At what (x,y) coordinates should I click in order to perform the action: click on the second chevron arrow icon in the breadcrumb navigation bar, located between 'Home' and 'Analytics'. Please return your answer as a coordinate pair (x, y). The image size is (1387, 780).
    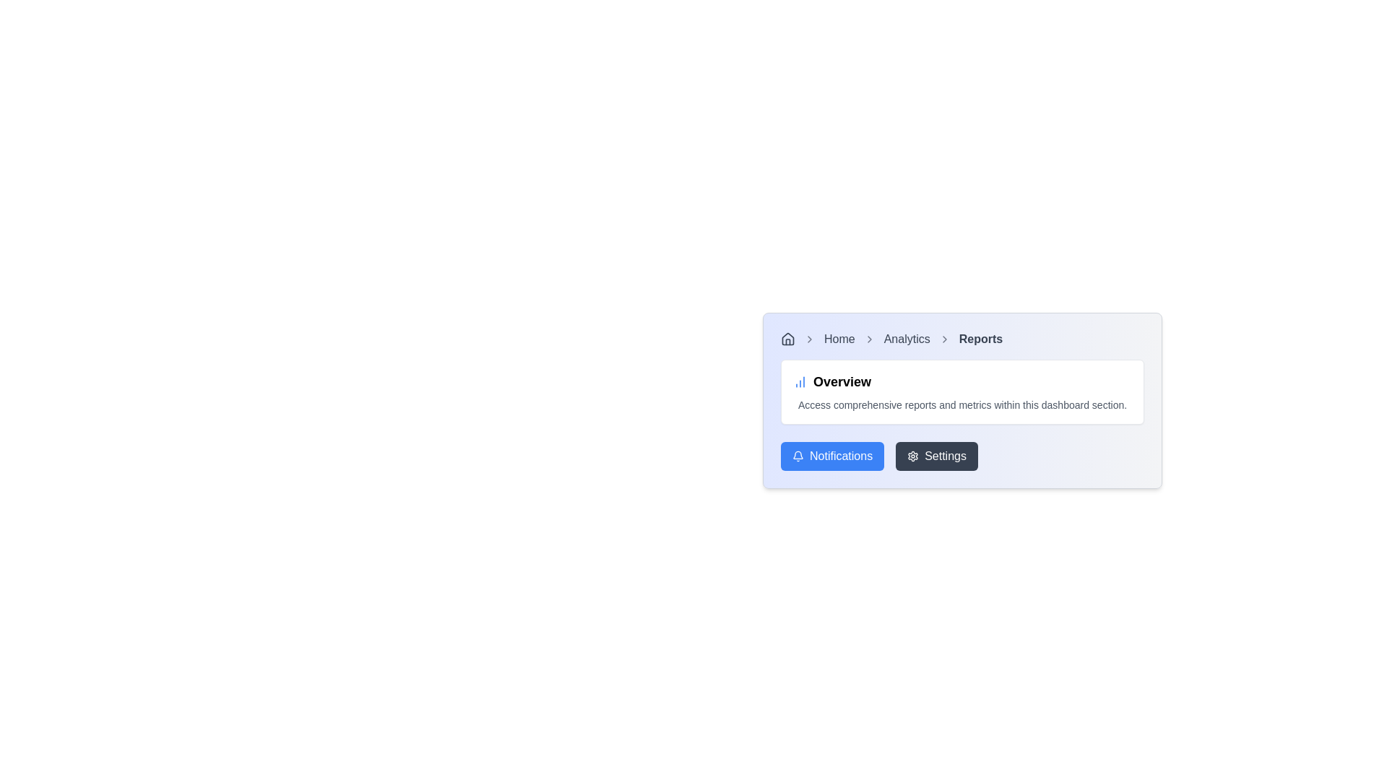
    Looking at the image, I should click on (810, 339).